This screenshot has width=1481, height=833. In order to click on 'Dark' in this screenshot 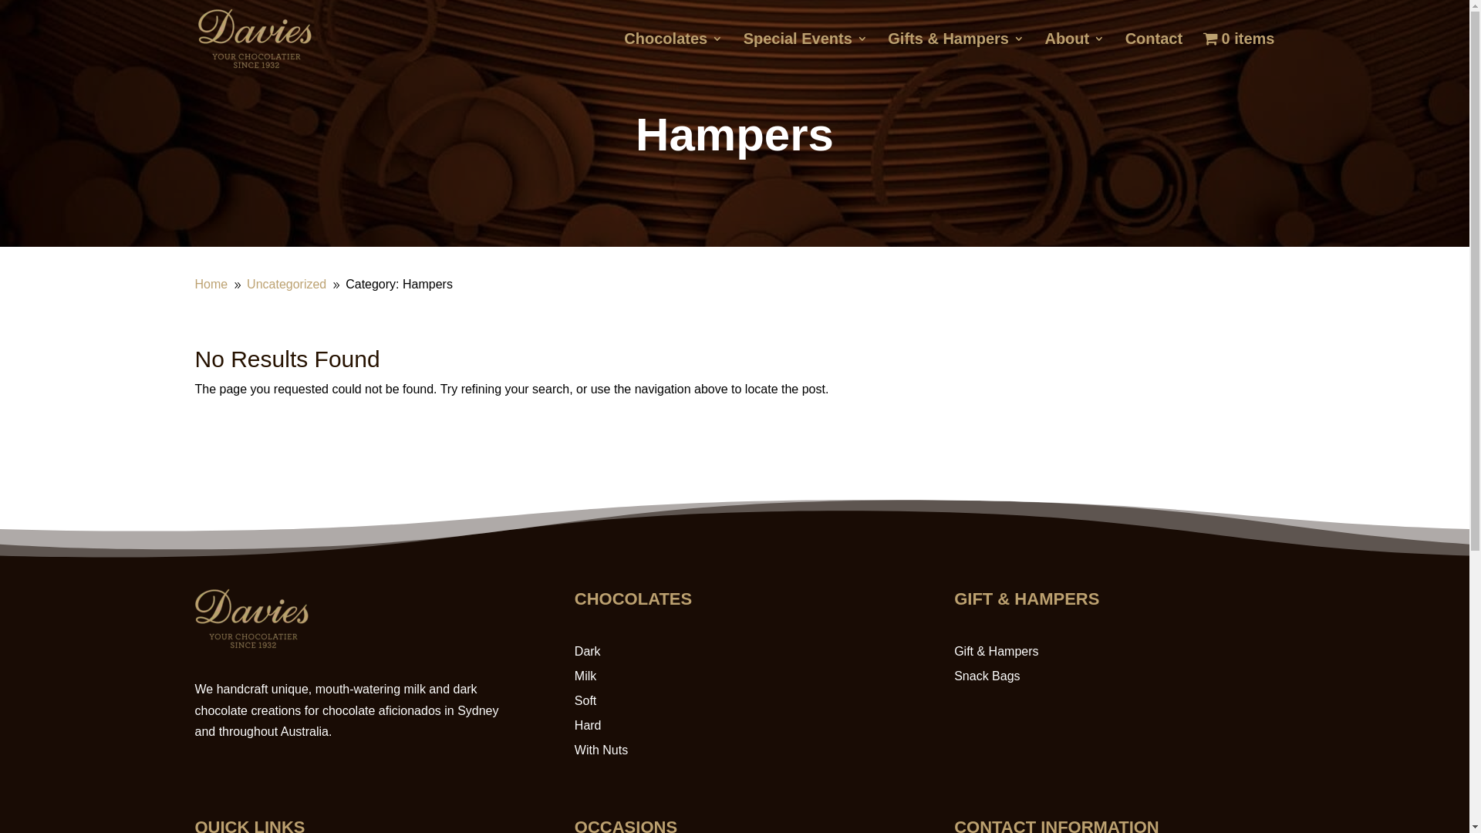, I will do `click(573, 651)`.